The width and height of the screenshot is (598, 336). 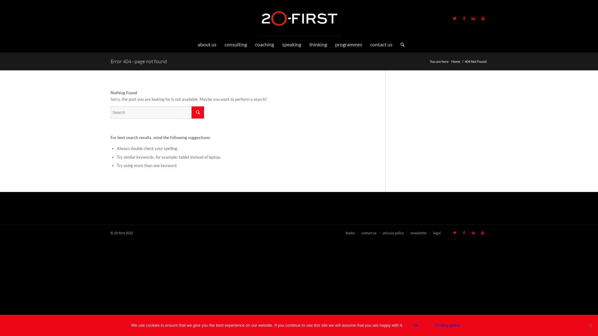 What do you see at coordinates (450, 233) in the screenshot?
I see `'Twitter'` at bounding box center [450, 233].